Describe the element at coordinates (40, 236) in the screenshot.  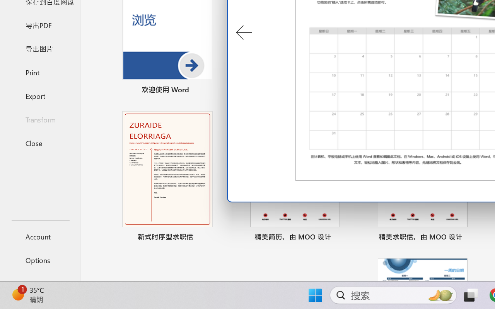
I see `'Account'` at that location.